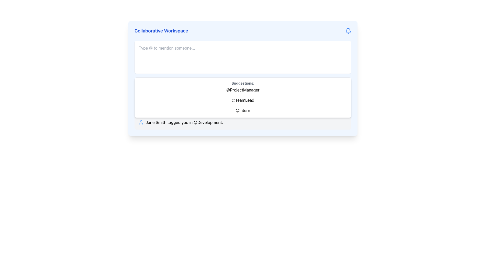  Describe the element at coordinates (243, 118) in the screenshot. I see `notification from the activity log that indicates 'Jane Smith tagged you in @Development.'` at that location.